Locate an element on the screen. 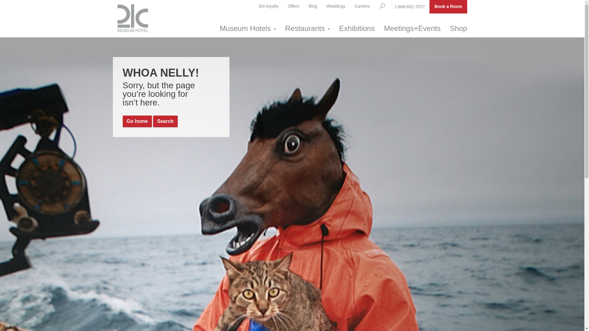 The image size is (589, 331). 'Shop' is located at coordinates (458, 28).